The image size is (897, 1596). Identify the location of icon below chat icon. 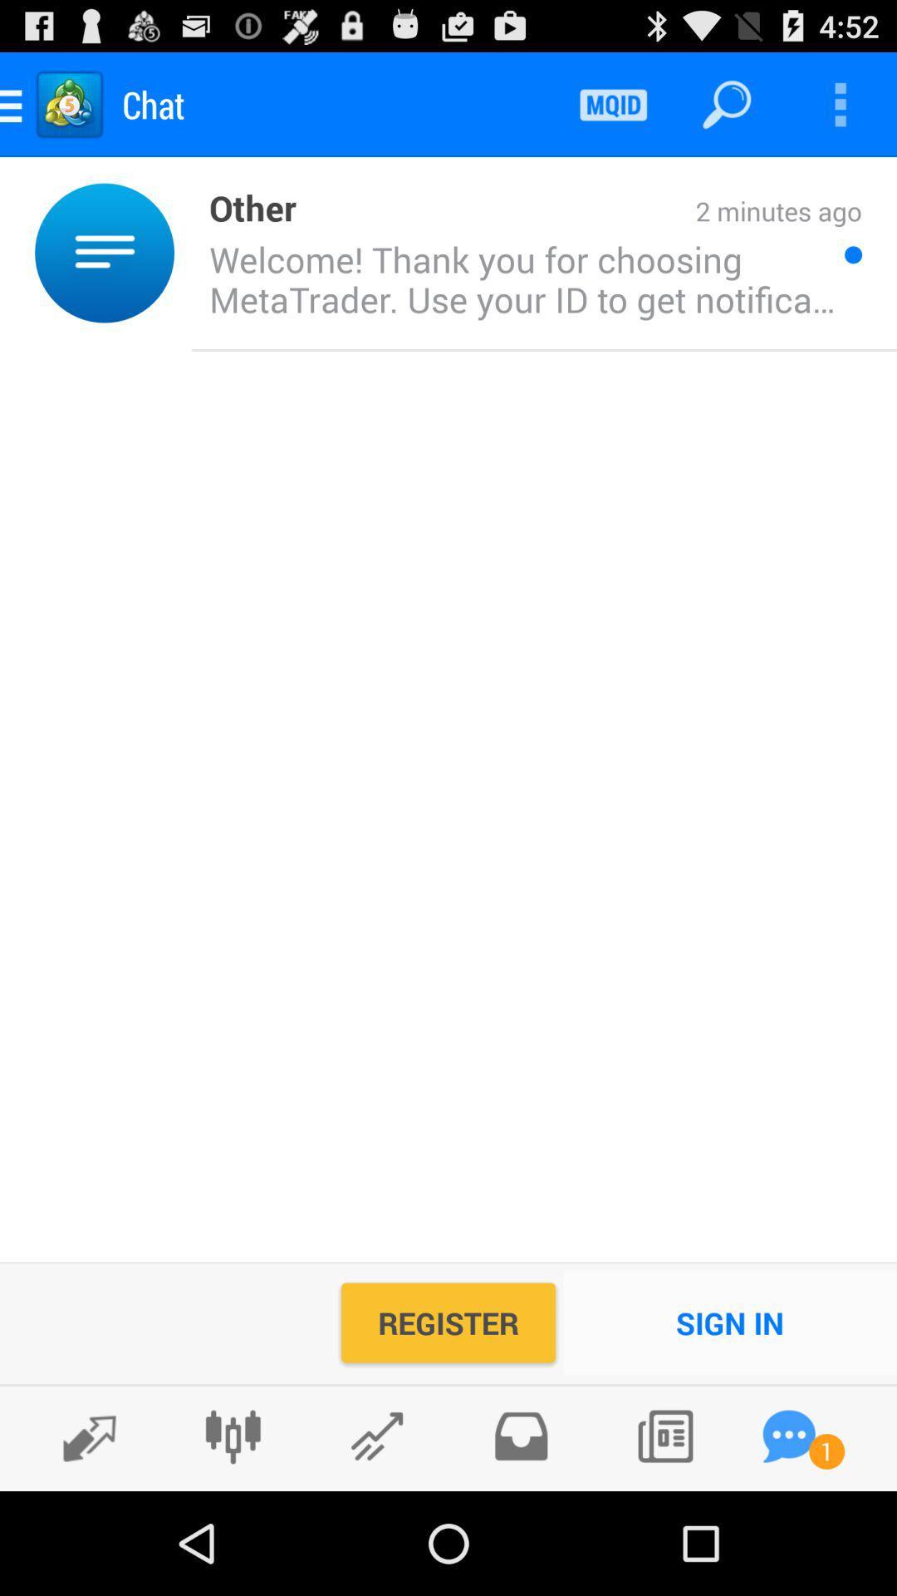
(243, 205).